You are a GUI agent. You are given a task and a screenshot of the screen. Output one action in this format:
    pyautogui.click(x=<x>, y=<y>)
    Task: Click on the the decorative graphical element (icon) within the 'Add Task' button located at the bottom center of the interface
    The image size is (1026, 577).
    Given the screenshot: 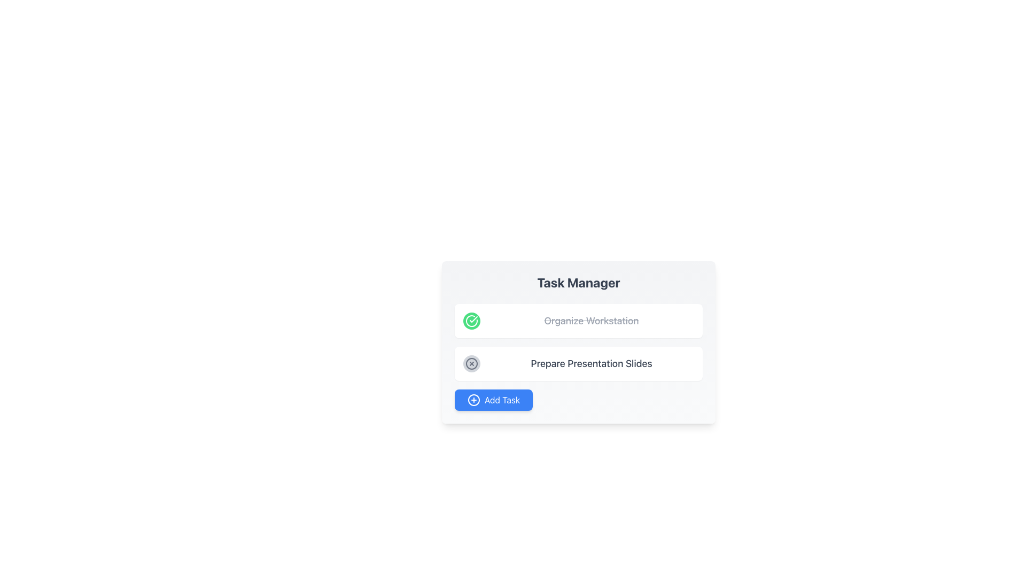 What is the action you would take?
    pyautogui.click(x=473, y=400)
    